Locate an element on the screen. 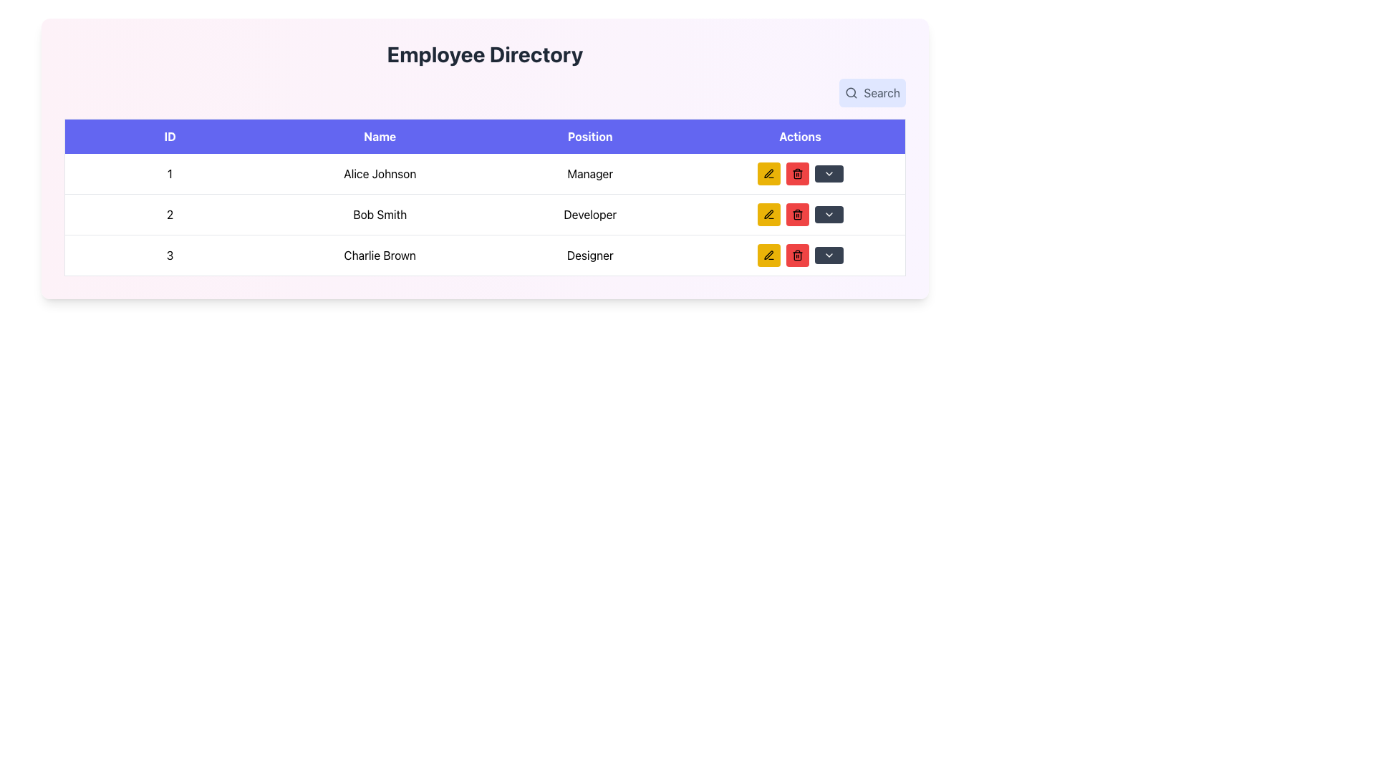 The width and height of the screenshot is (1375, 773). the edit icon located within the yellow button in the 'Actions' column of the first row of the data table for 'Alice Johnson' to initiate editing is located at coordinates (768, 173).